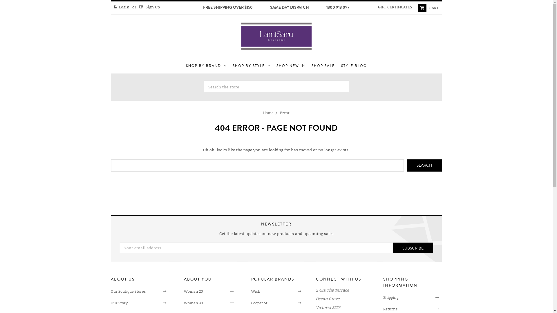  I want to click on 'CART', so click(415, 8).